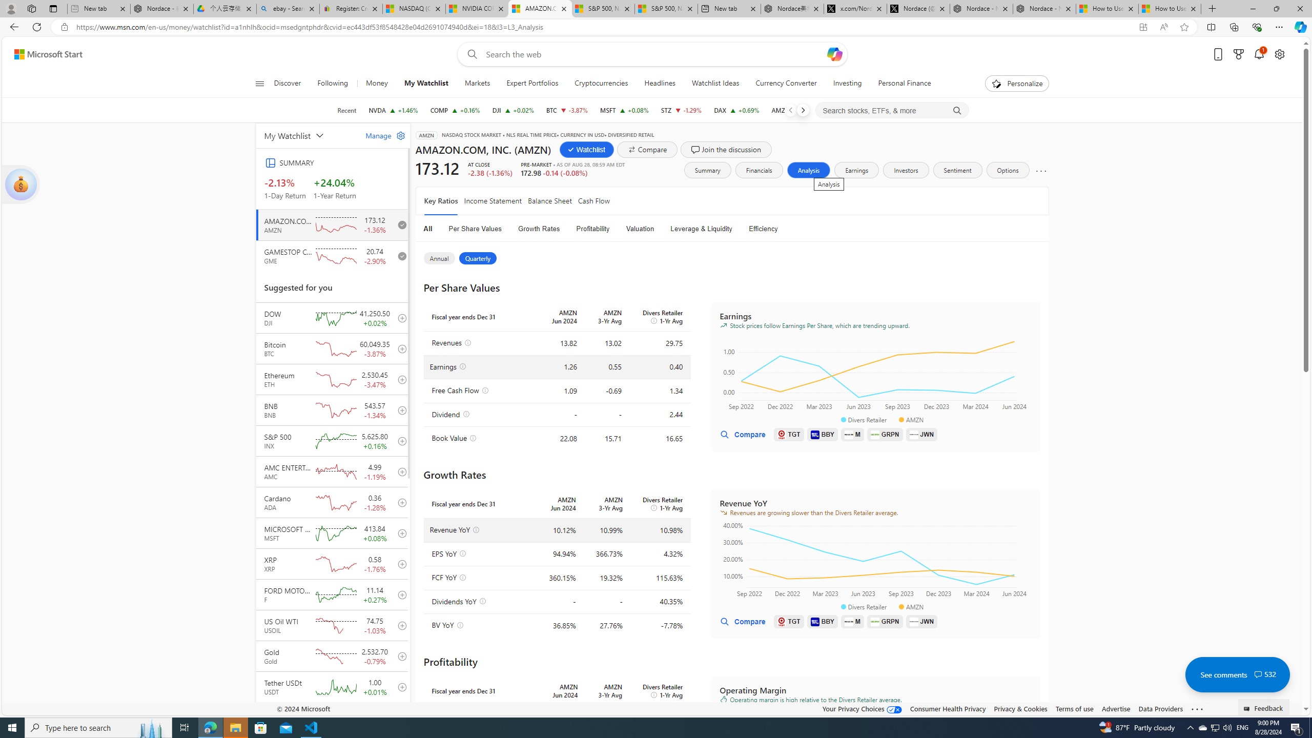 The height and width of the screenshot is (738, 1312). Describe the element at coordinates (376, 83) in the screenshot. I see `'Money'` at that location.